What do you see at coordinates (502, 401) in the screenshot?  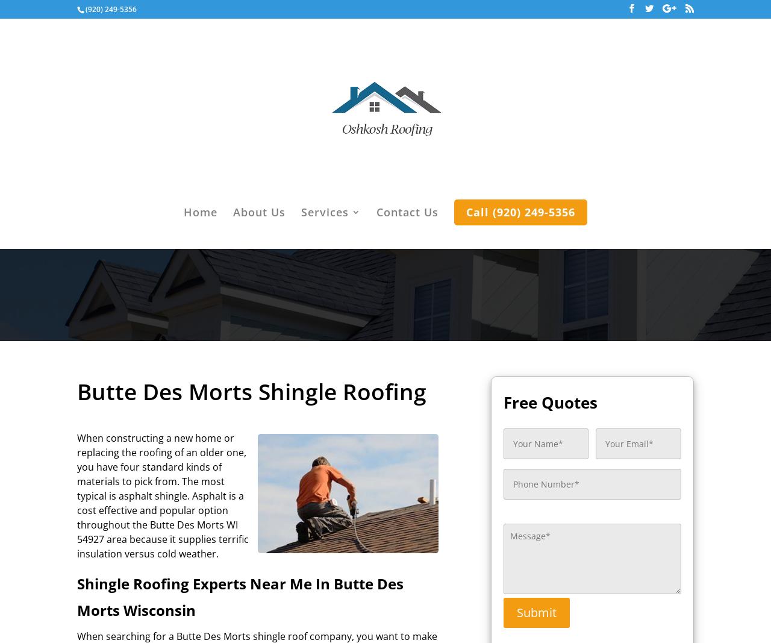 I see `'Free Quotes'` at bounding box center [502, 401].